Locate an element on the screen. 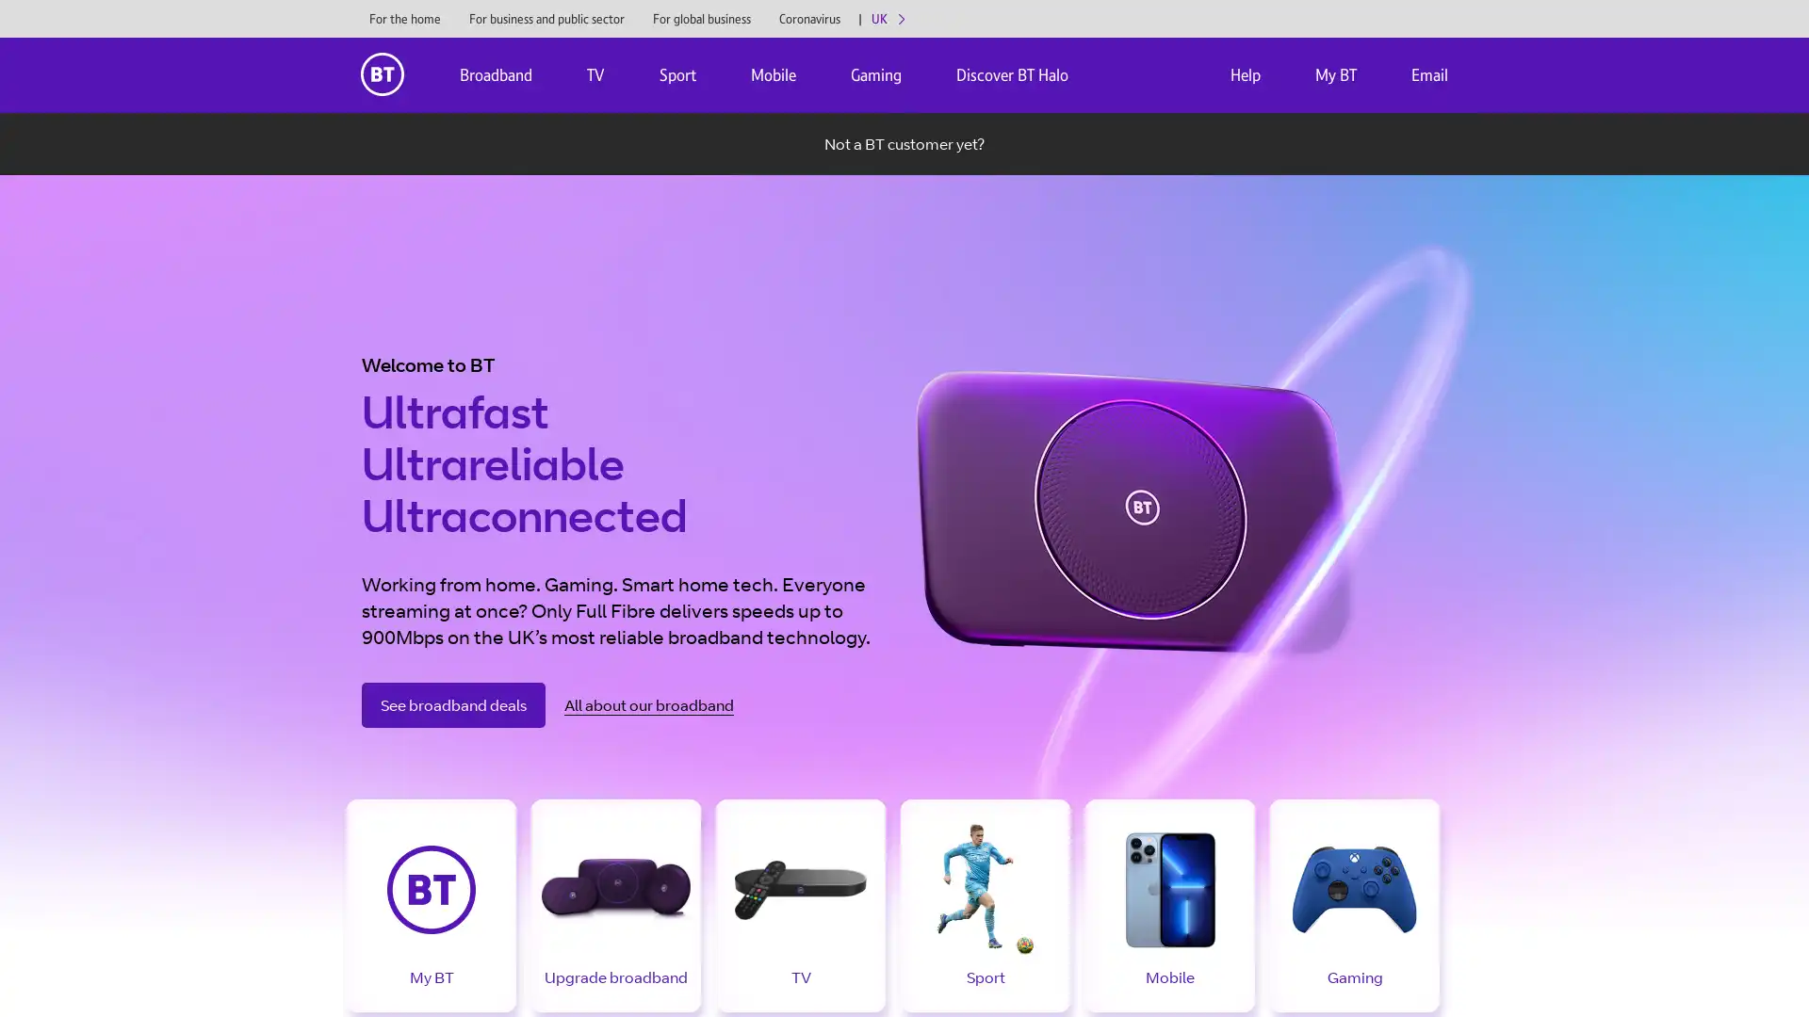 Image resolution: width=1809 pixels, height=1017 pixels. Not a BT customer yet? is located at coordinates (904, 143).